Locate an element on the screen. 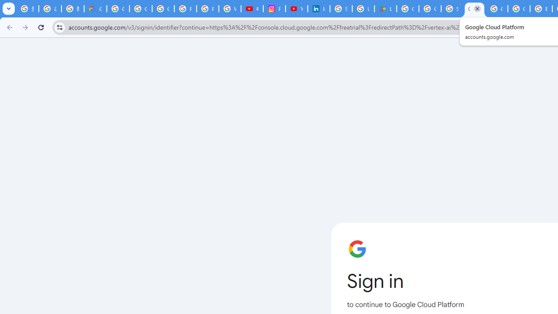 The height and width of the screenshot is (314, 558). 'Last Shelter: Survival - Apps on Google Play' is located at coordinates (385, 9).